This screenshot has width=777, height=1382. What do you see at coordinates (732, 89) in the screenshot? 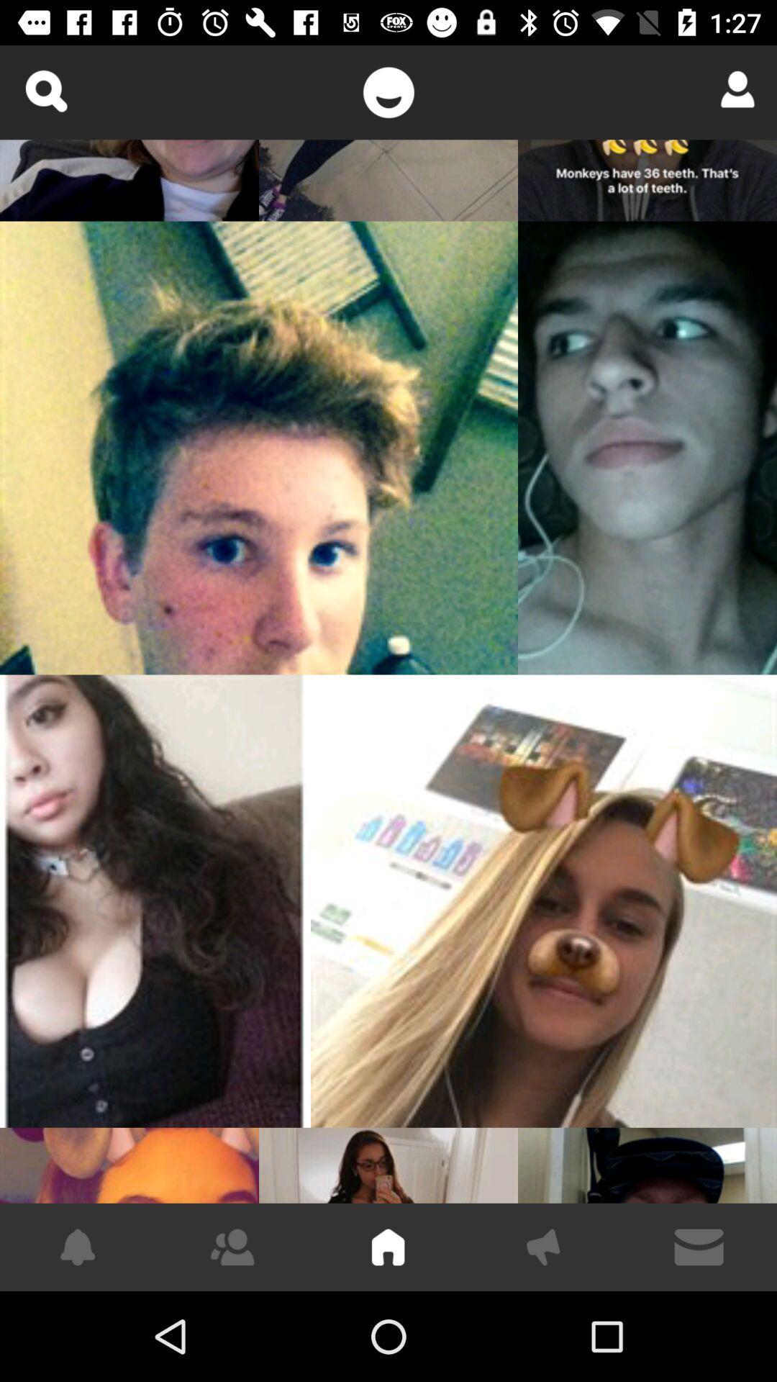
I see `the avatar icon` at bounding box center [732, 89].